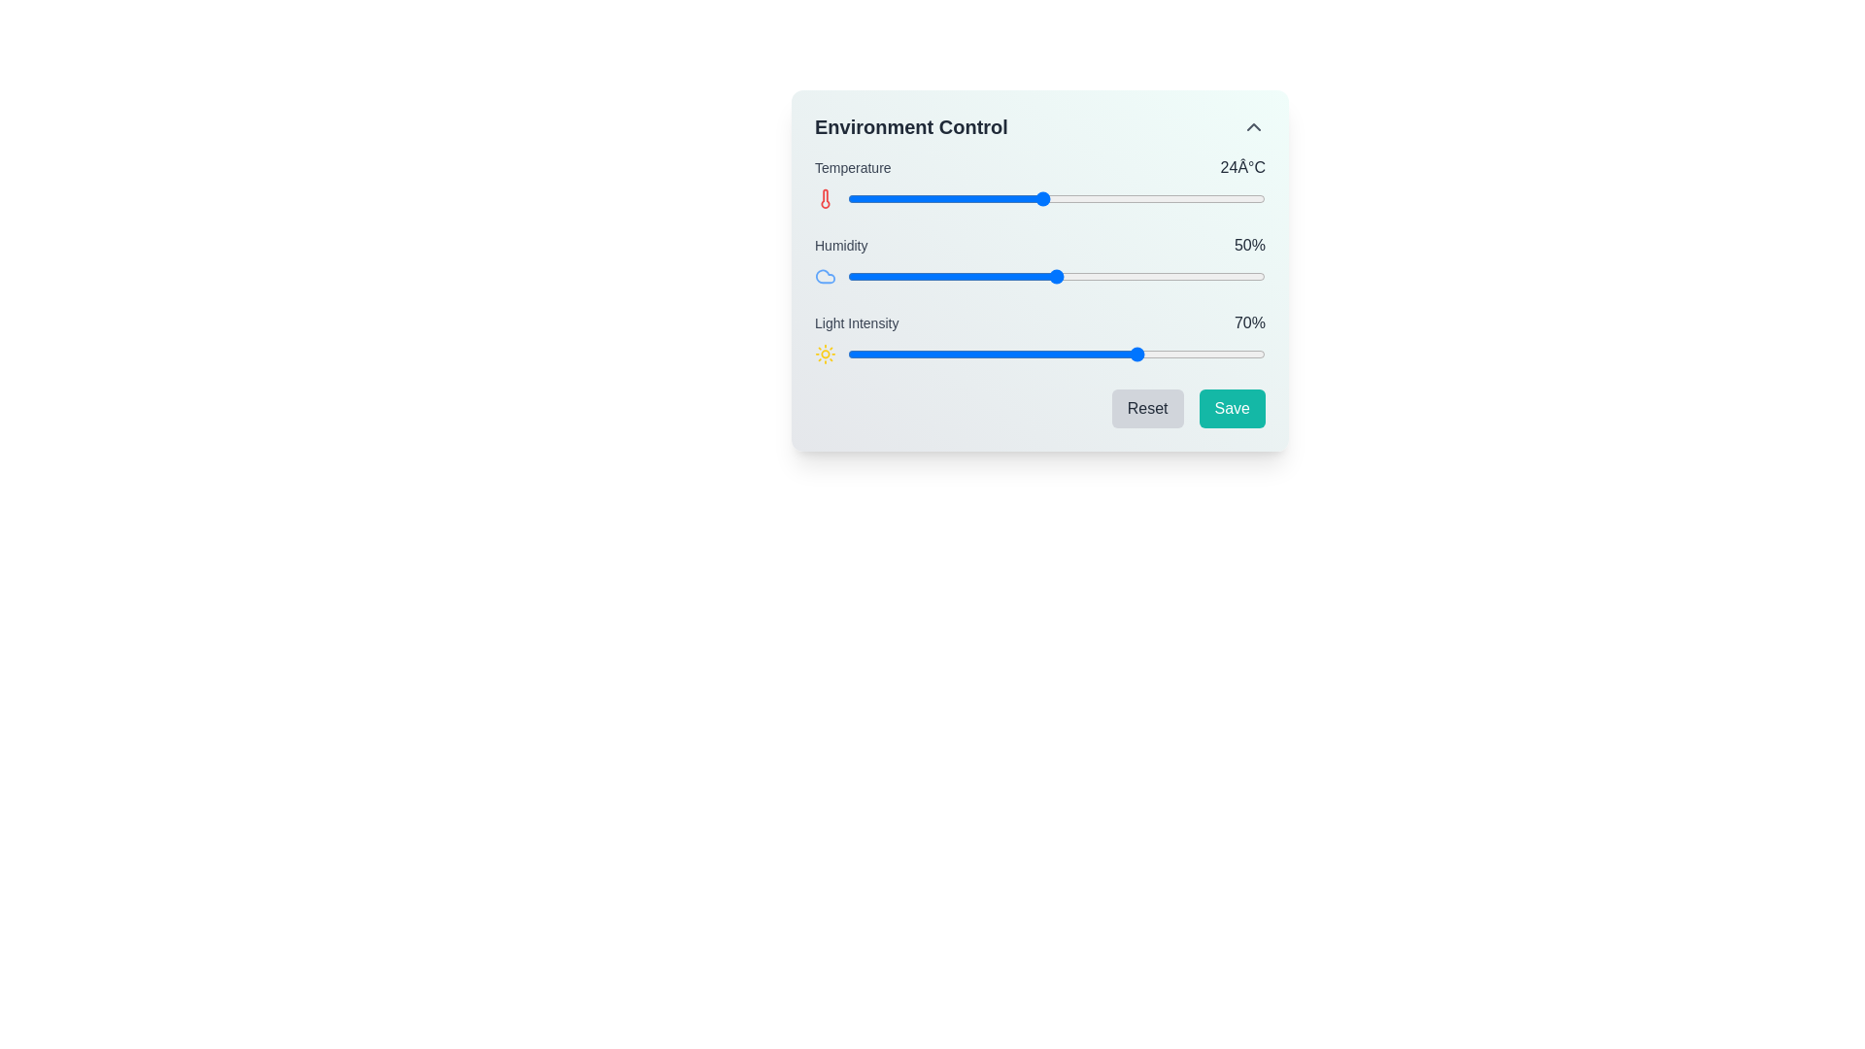 This screenshot has width=1865, height=1049. What do you see at coordinates (1072, 277) in the screenshot?
I see `the humidity` at bounding box center [1072, 277].